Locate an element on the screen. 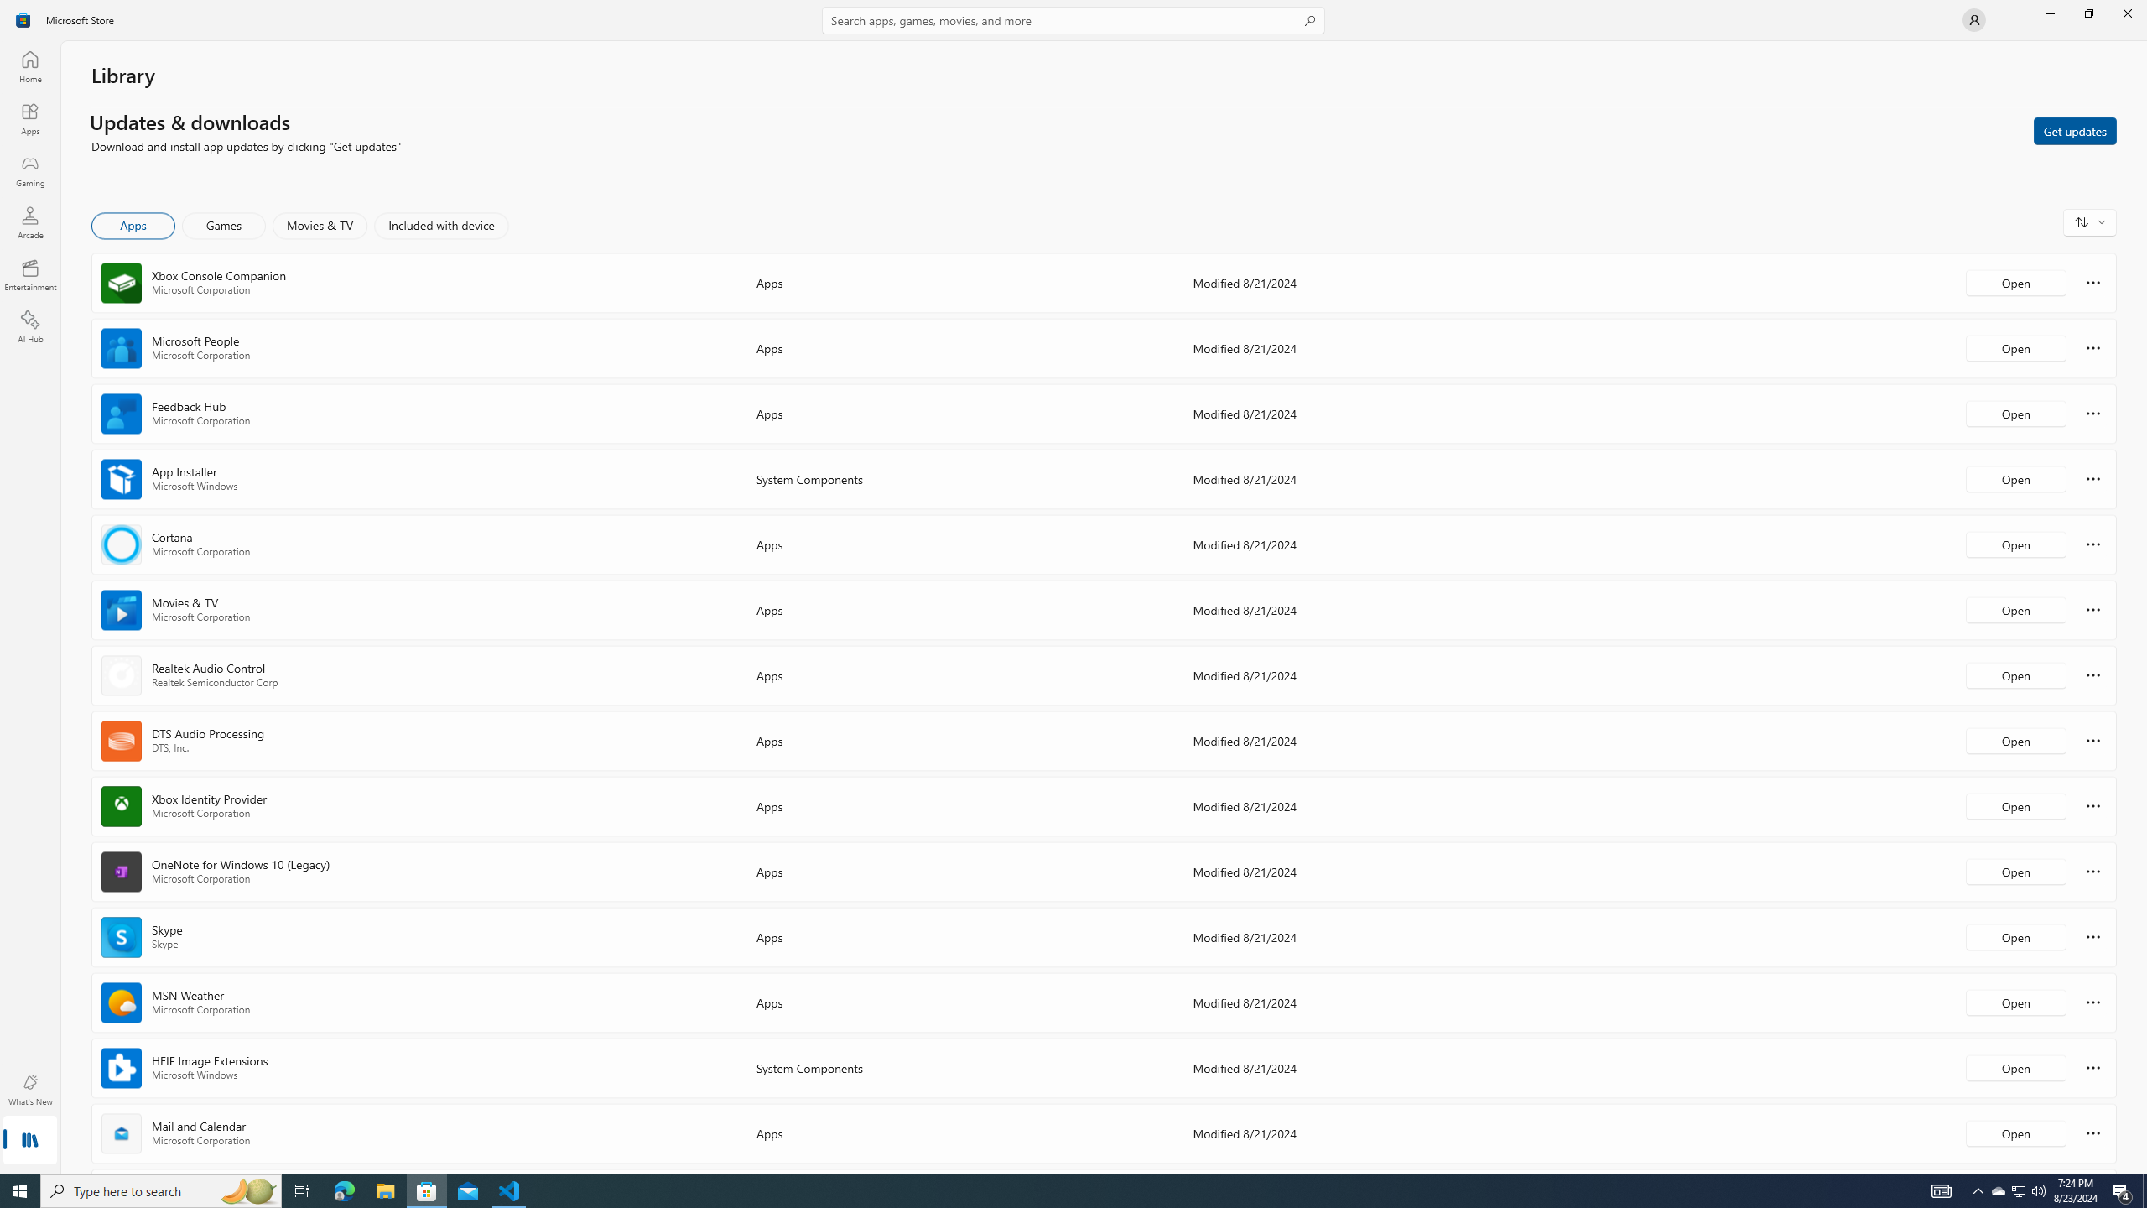 This screenshot has width=2147, height=1208. 'Class: Image' is located at coordinates (23, 18).